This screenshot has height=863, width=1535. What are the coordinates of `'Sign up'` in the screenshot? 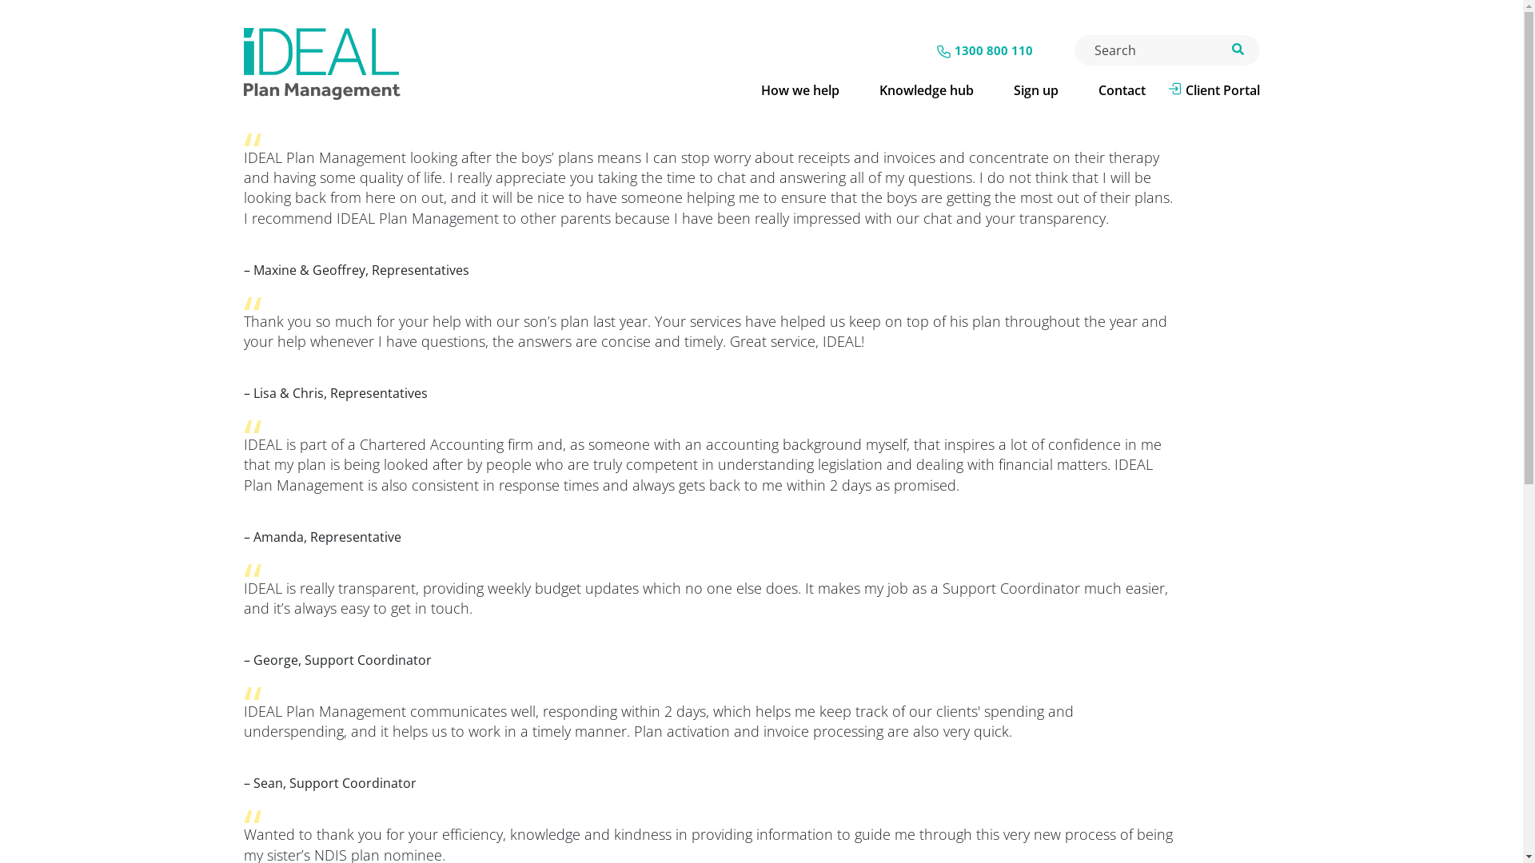 It's located at (1035, 89).